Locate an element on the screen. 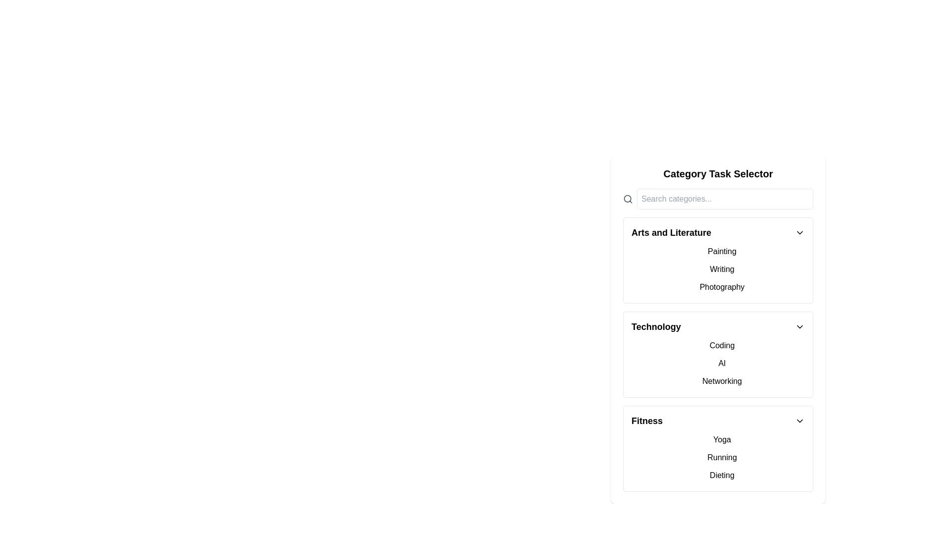  the 'AI' category text is located at coordinates (722, 363).